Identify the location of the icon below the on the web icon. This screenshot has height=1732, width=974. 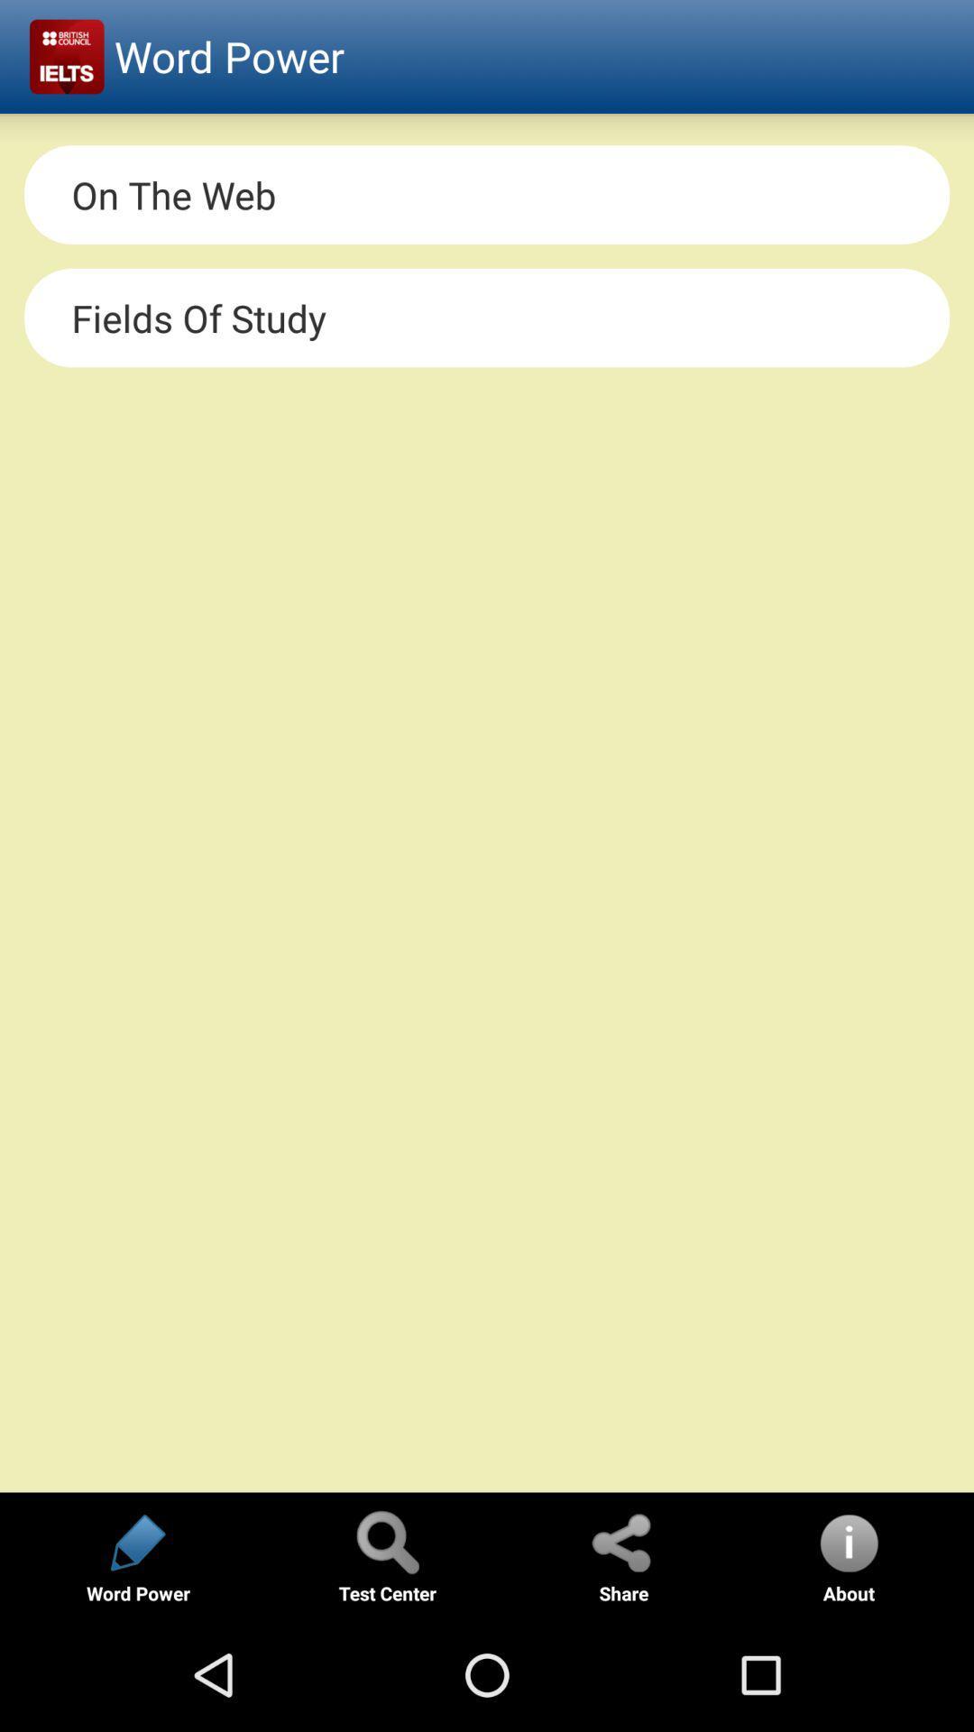
(487, 318).